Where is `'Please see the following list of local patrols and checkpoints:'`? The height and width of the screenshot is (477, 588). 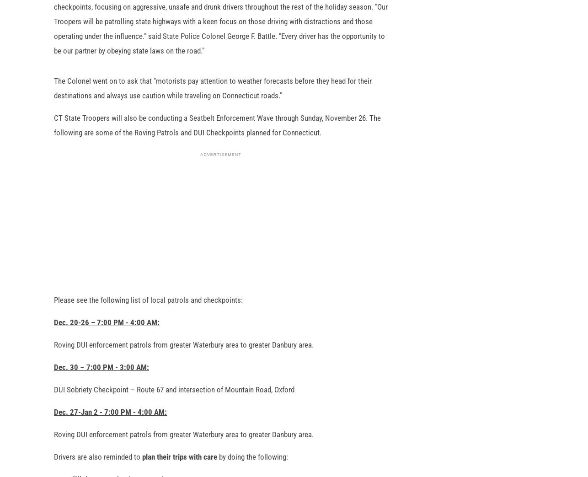 'Please see the following list of local patrols and checkpoints:' is located at coordinates (148, 306).